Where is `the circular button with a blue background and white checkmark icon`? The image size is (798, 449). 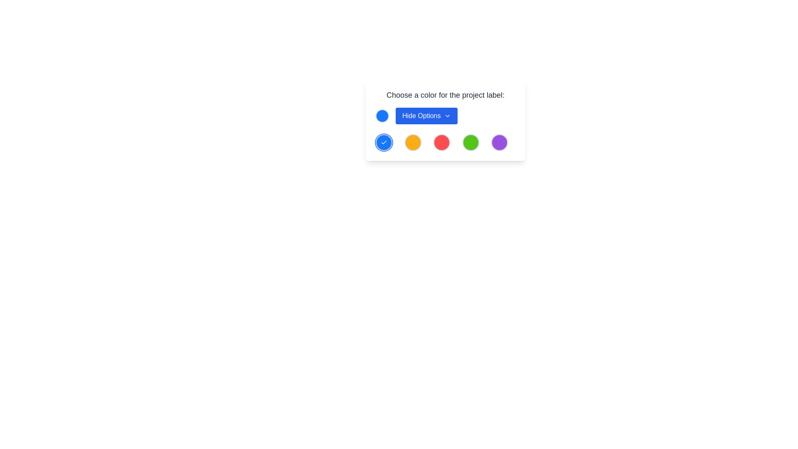
the circular button with a blue background and white checkmark icon is located at coordinates (384, 142).